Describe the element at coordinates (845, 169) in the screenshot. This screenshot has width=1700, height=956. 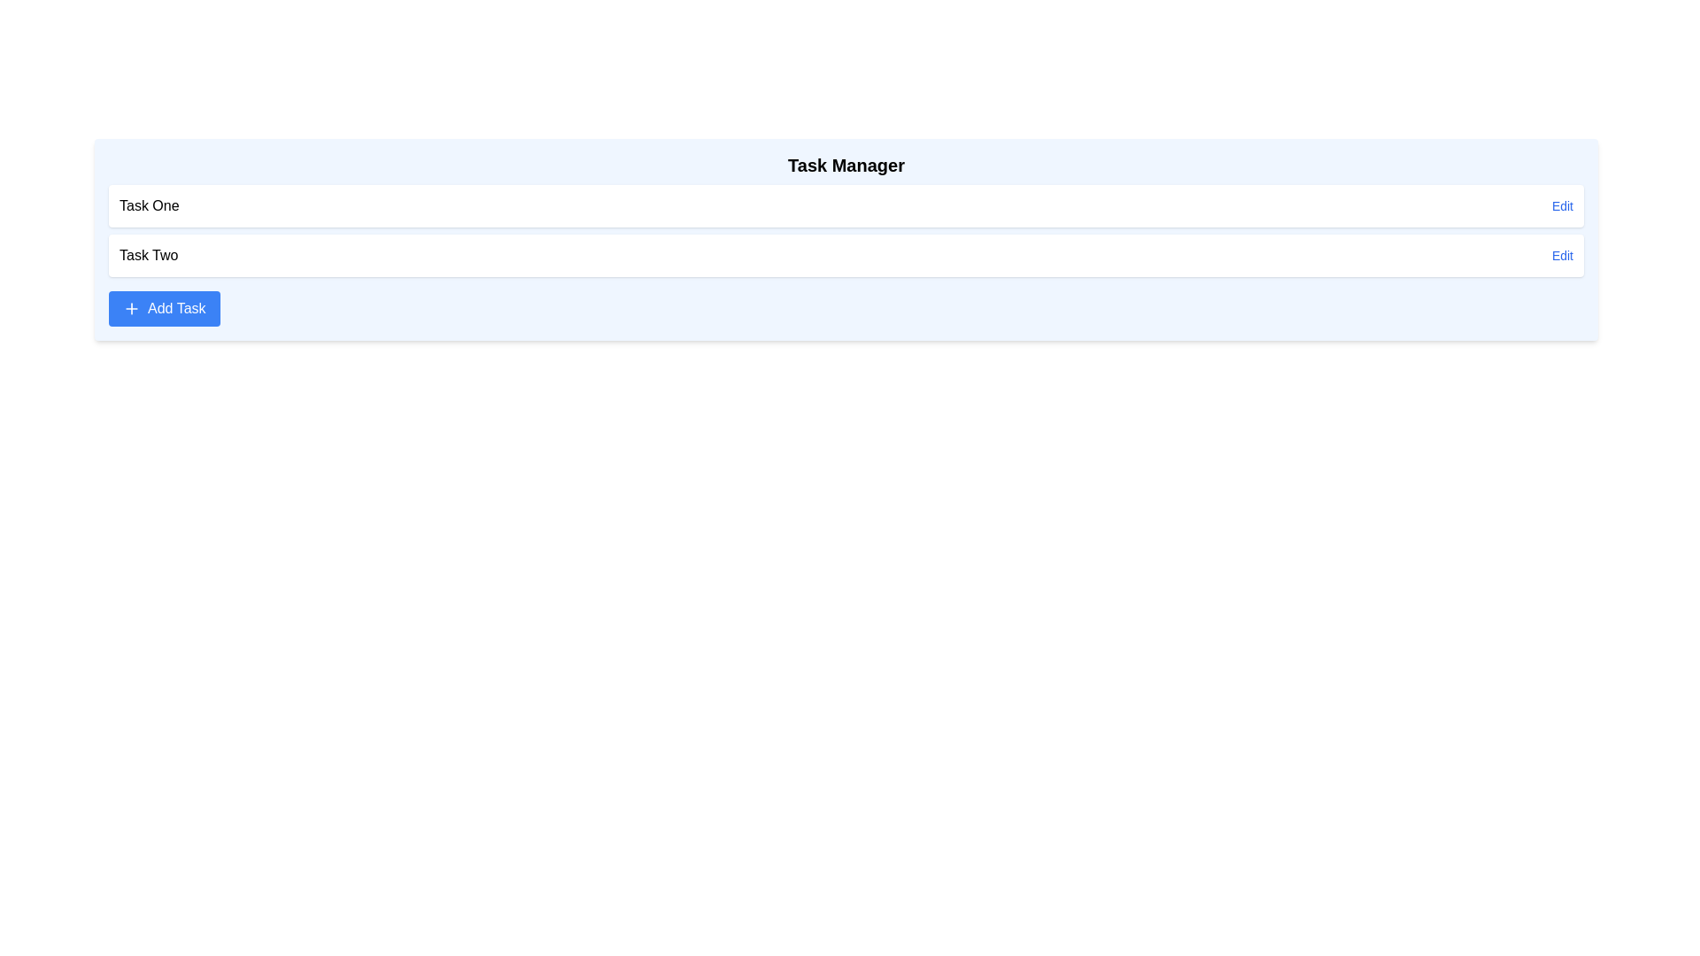
I see `the 'Task Manager' text label, which is styled in bold and larger font and located at the top center of a light blue panel` at that location.